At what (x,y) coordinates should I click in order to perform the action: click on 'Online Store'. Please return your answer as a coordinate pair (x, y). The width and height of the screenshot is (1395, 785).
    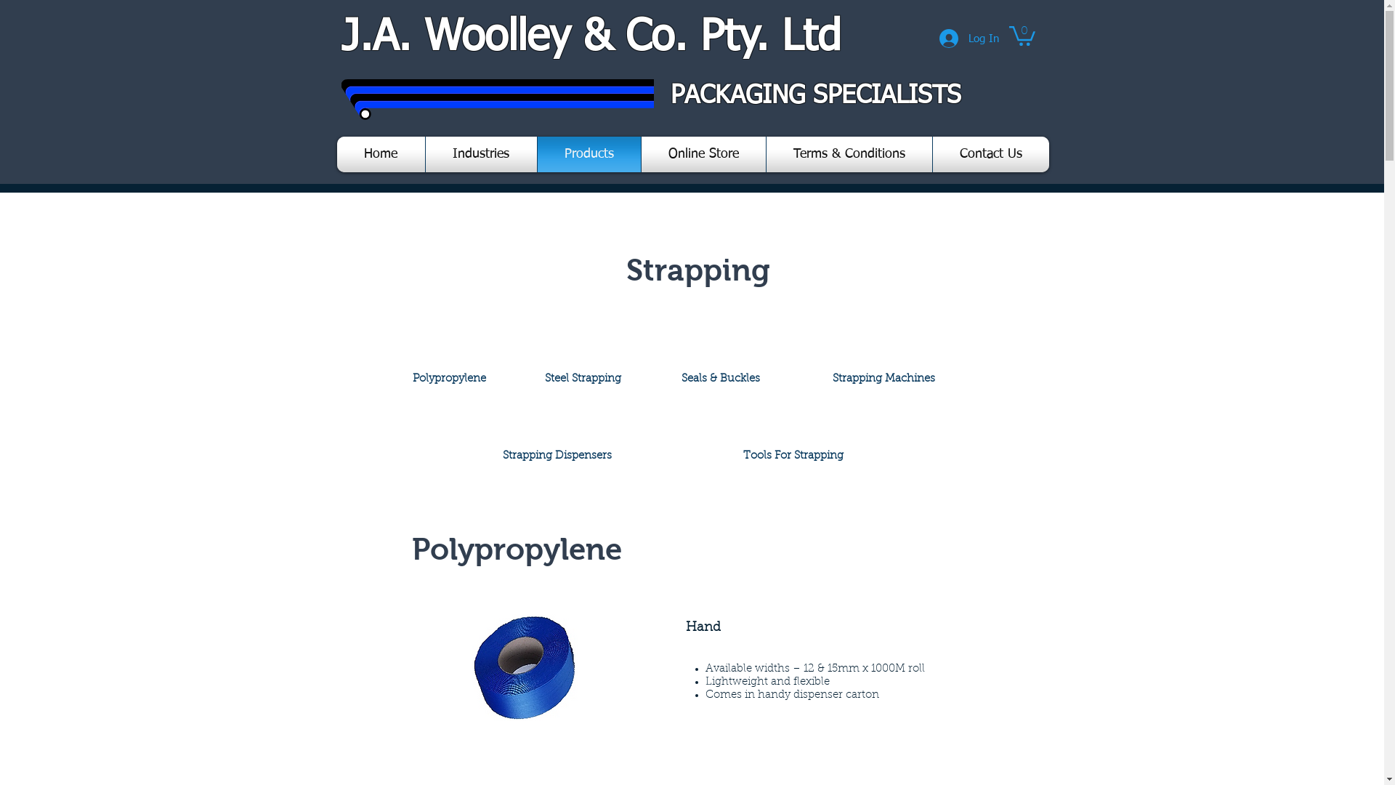
    Looking at the image, I should click on (703, 154).